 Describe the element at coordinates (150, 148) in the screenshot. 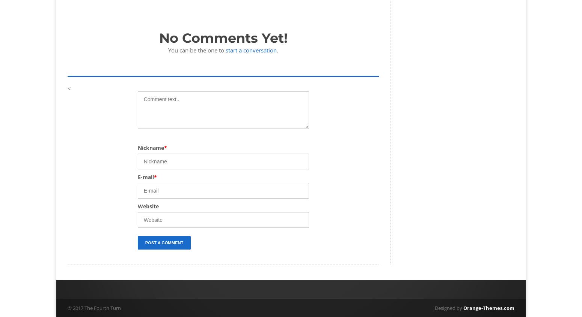

I see `'Nickname'` at that location.